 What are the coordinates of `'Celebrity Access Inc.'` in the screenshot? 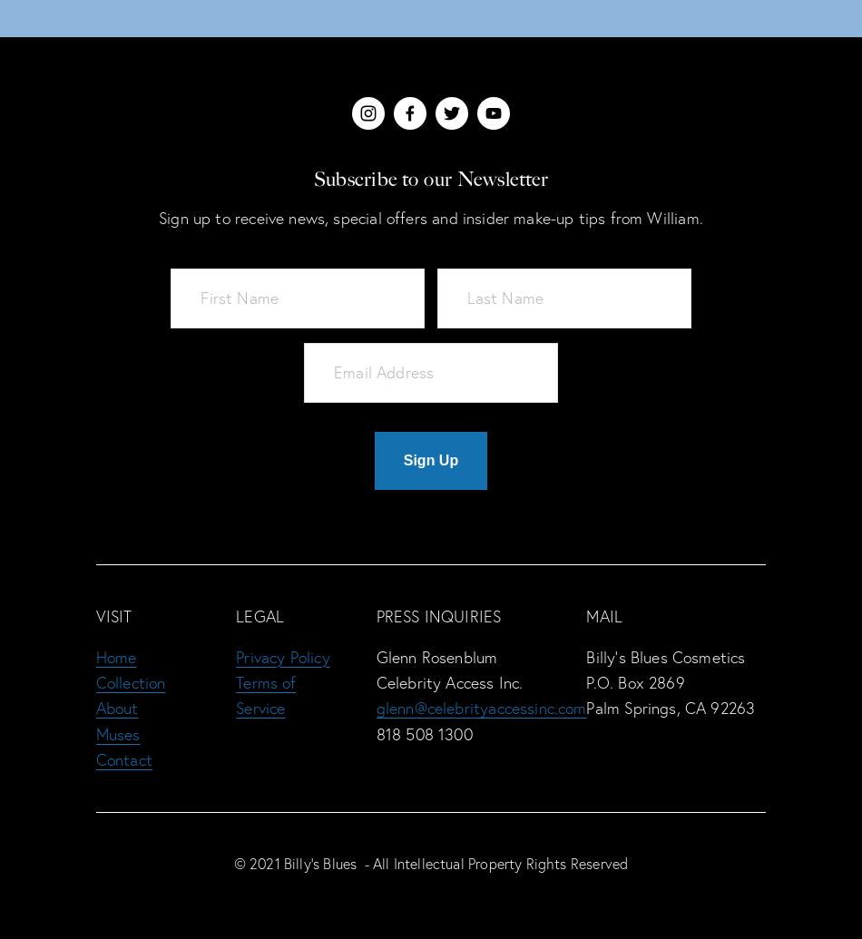 It's located at (375, 680).